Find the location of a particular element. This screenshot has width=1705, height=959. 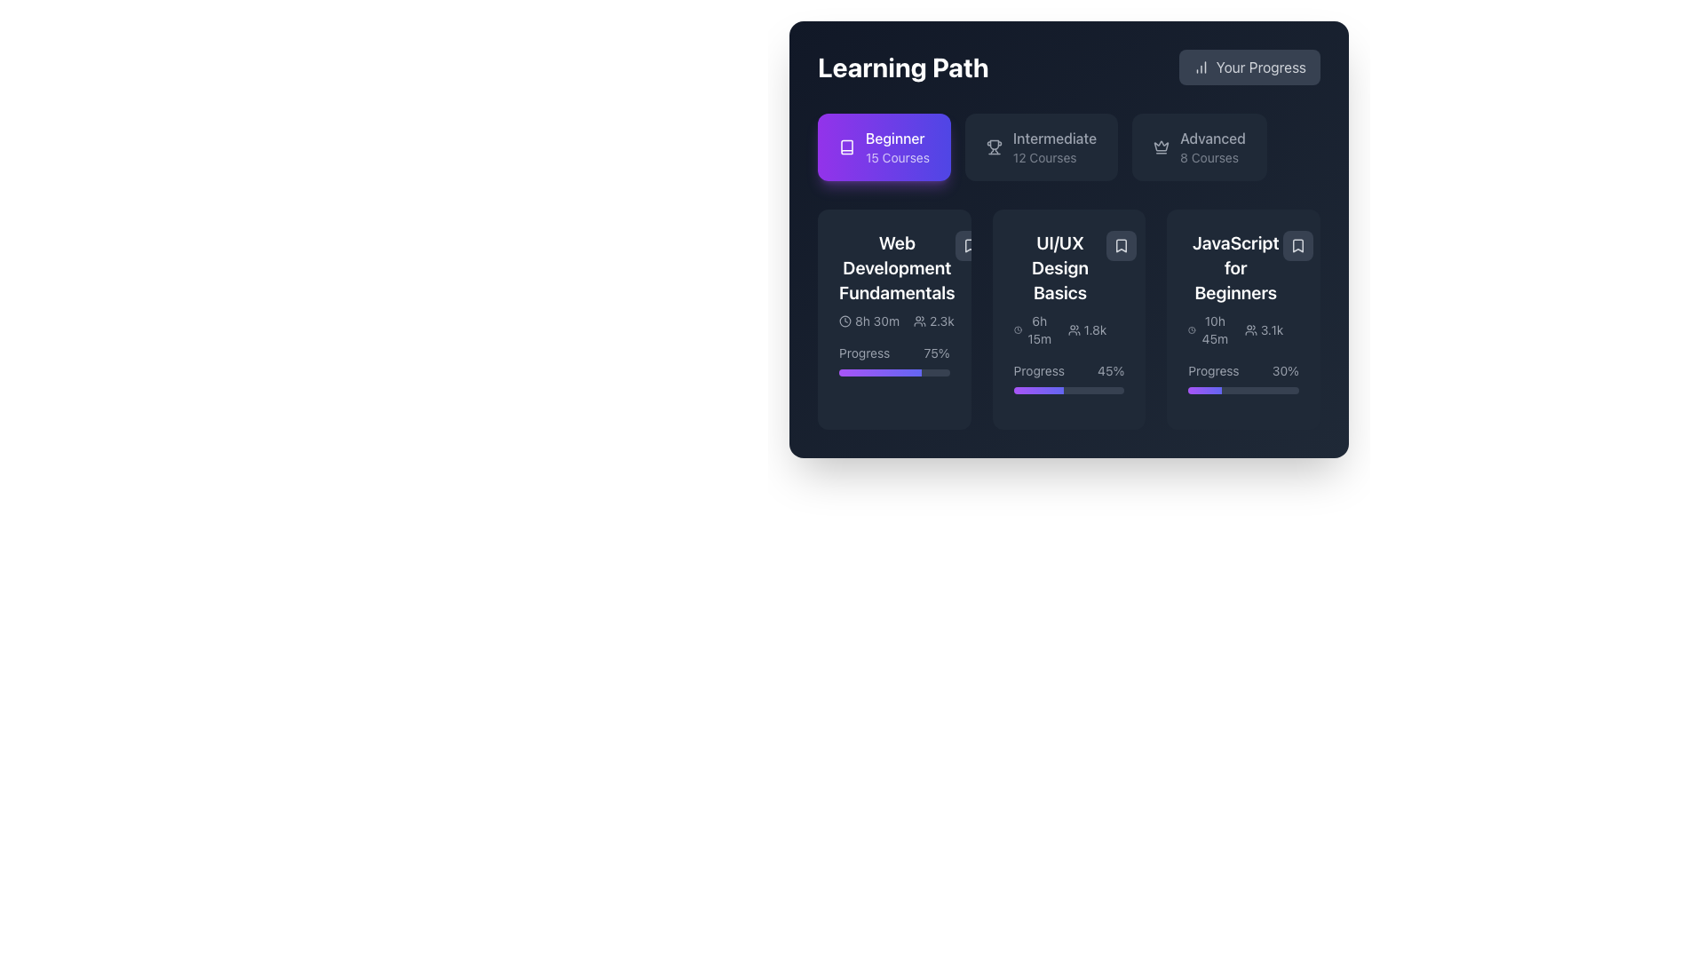

the static text element displaying '2.3k' that is positioned next to the group of people icon in the leftmost course card of 'Web Development Fundamentals' is located at coordinates (940, 321).